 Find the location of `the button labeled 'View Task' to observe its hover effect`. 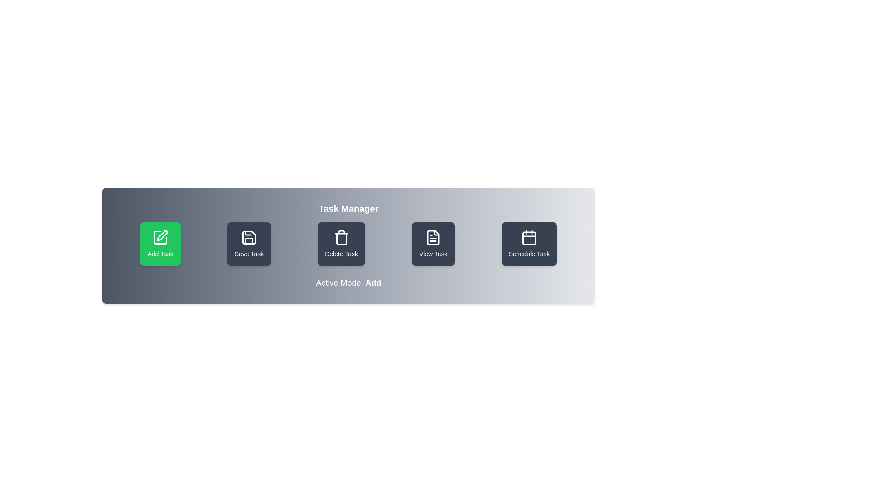

the button labeled 'View Task' to observe its hover effect is located at coordinates (432, 244).